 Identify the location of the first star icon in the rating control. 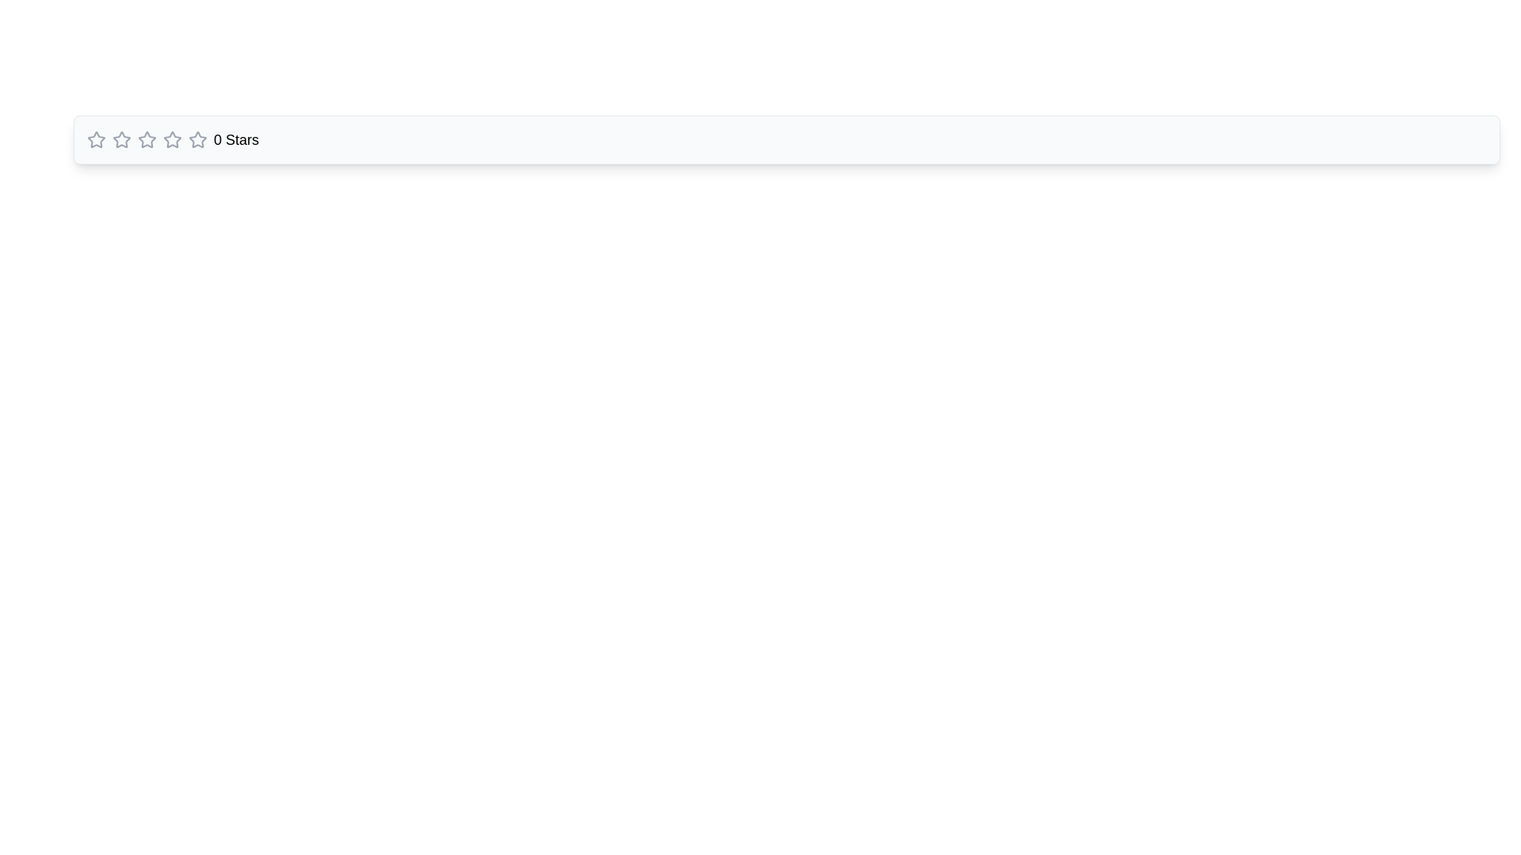
(95, 139).